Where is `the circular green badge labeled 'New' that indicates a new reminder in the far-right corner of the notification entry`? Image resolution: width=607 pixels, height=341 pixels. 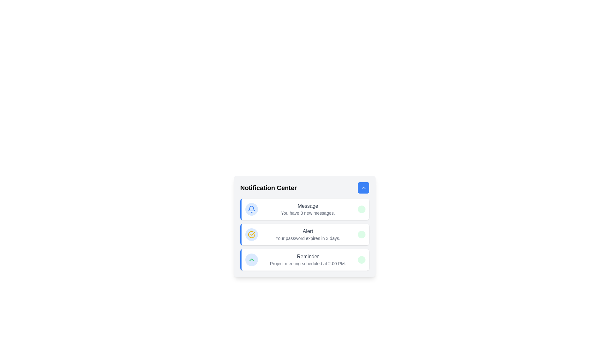
the circular green badge labeled 'New' that indicates a new reminder in the far-right corner of the notification entry is located at coordinates (361, 260).